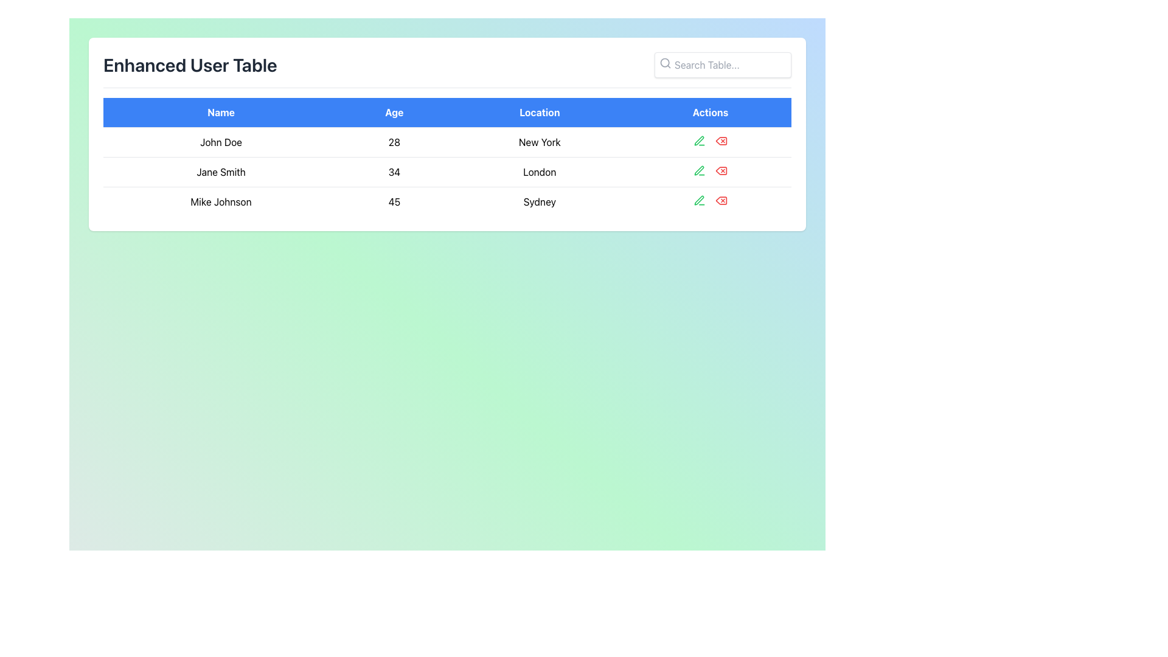 This screenshot has height=657, width=1168. What do you see at coordinates (539, 172) in the screenshot?
I see `the text label displaying the location 'London' for the user 'Jane Smith' in the data table` at bounding box center [539, 172].